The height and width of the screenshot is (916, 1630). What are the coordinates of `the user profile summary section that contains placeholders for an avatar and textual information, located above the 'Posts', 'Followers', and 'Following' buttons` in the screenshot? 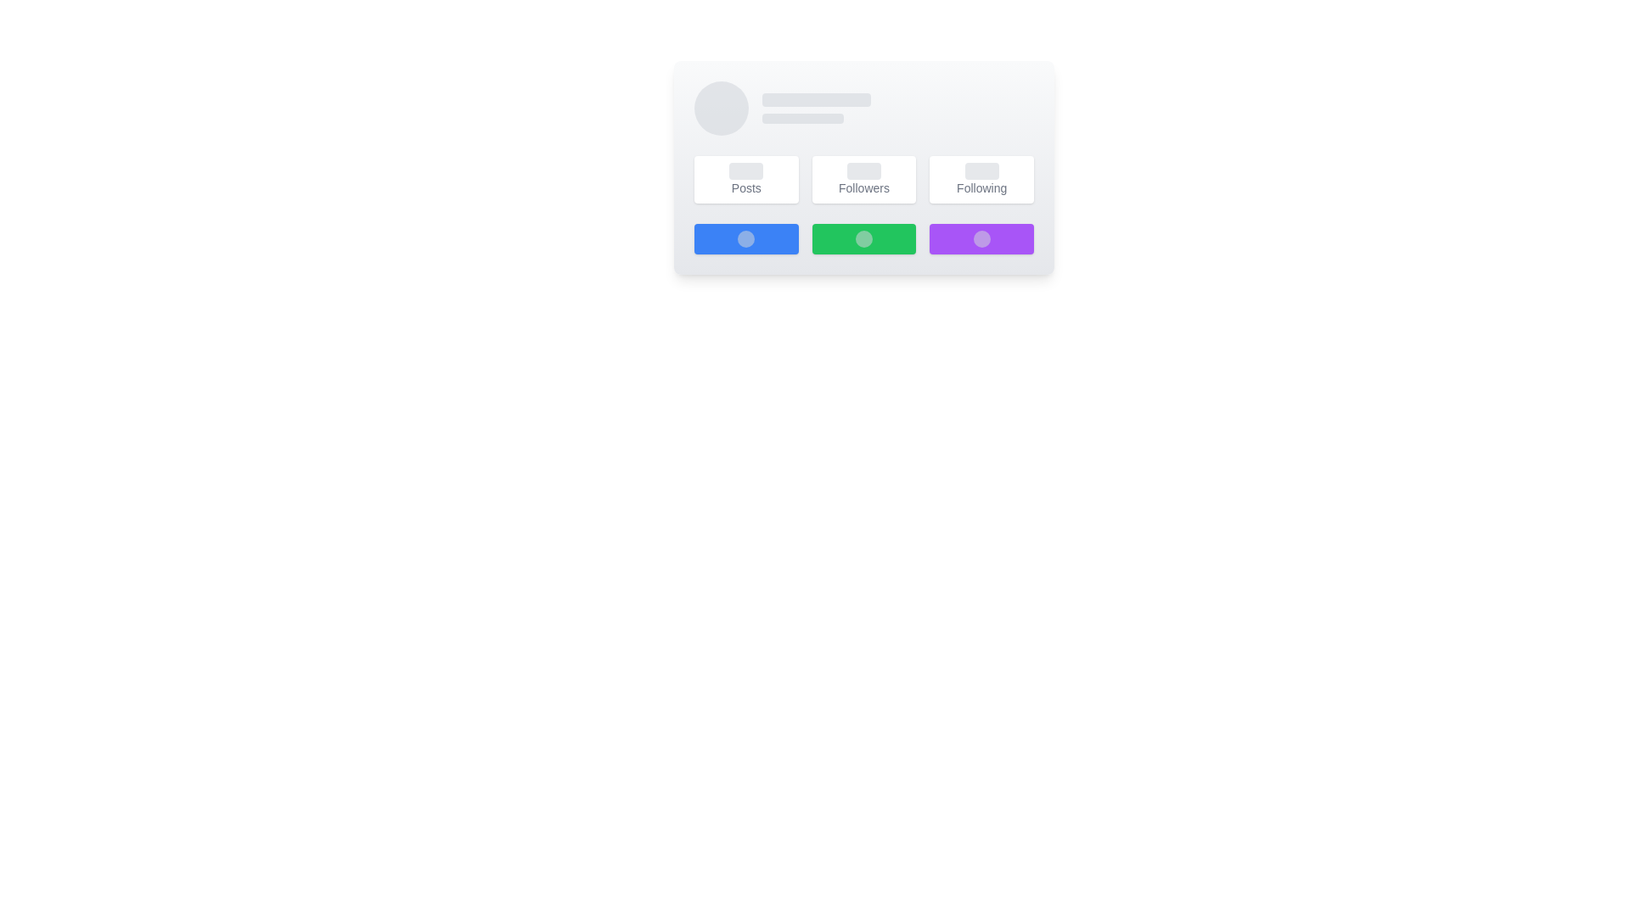 It's located at (863, 108).